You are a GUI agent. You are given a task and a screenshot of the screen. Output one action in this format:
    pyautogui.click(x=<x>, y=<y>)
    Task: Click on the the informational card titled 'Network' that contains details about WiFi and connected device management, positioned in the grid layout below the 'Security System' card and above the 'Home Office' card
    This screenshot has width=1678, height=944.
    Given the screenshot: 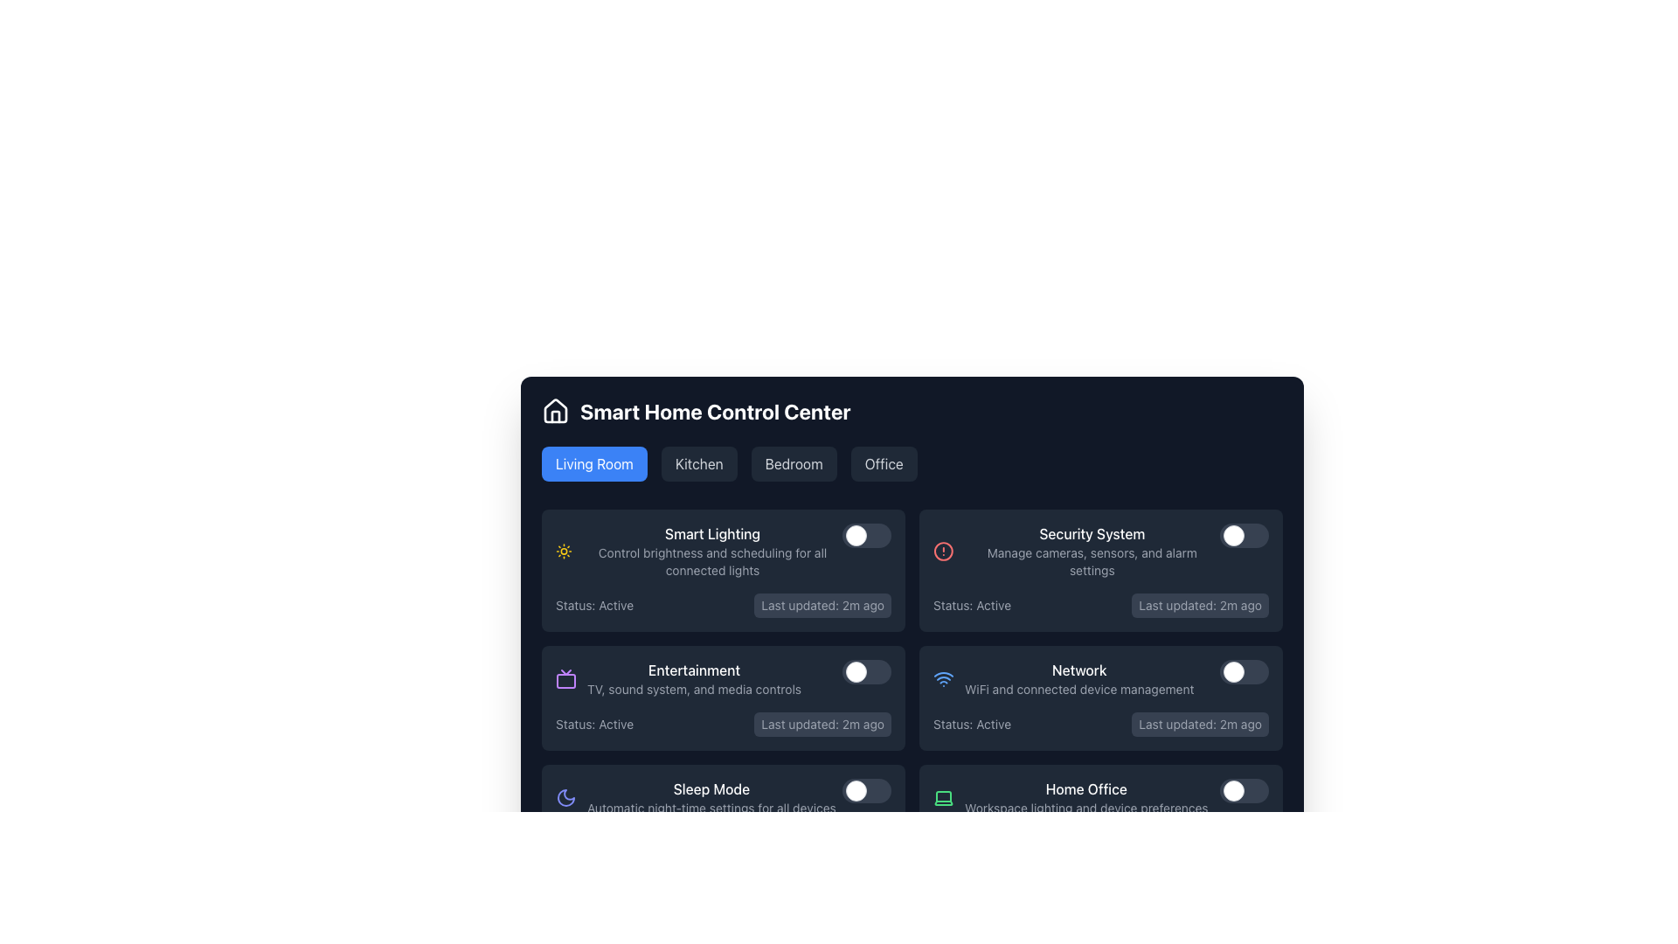 What is the action you would take?
    pyautogui.click(x=1063, y=677)
    